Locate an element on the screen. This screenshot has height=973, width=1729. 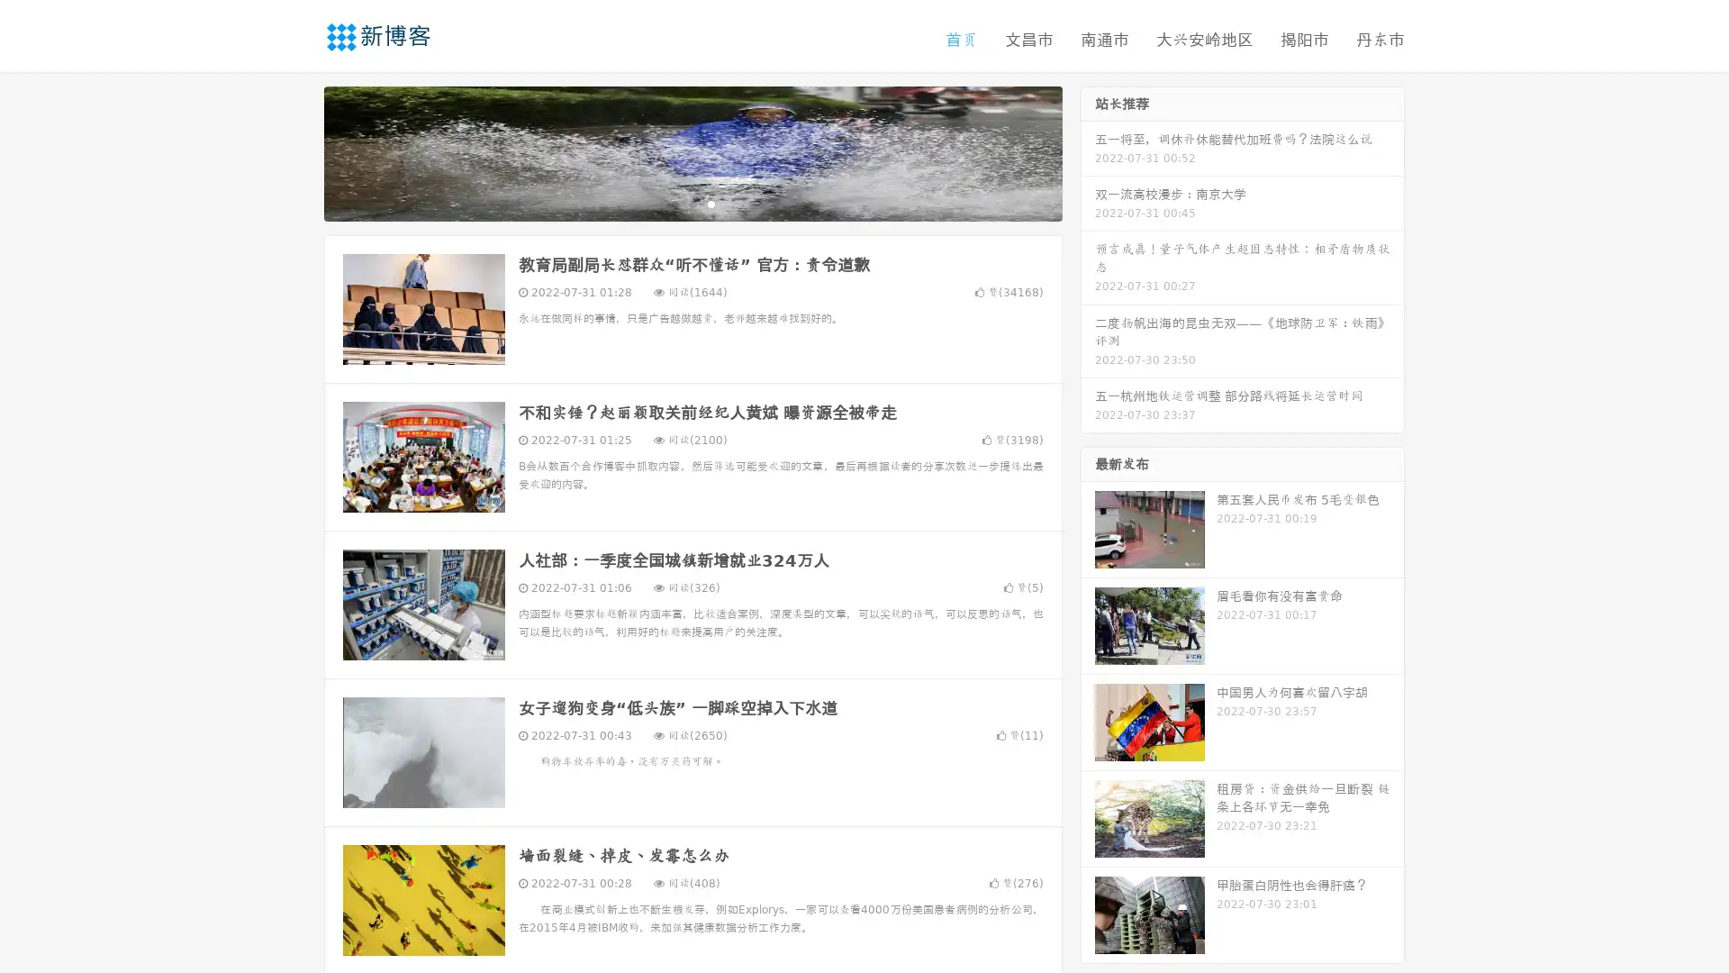
Go to slide 3 is located at coordinates (711, 203).